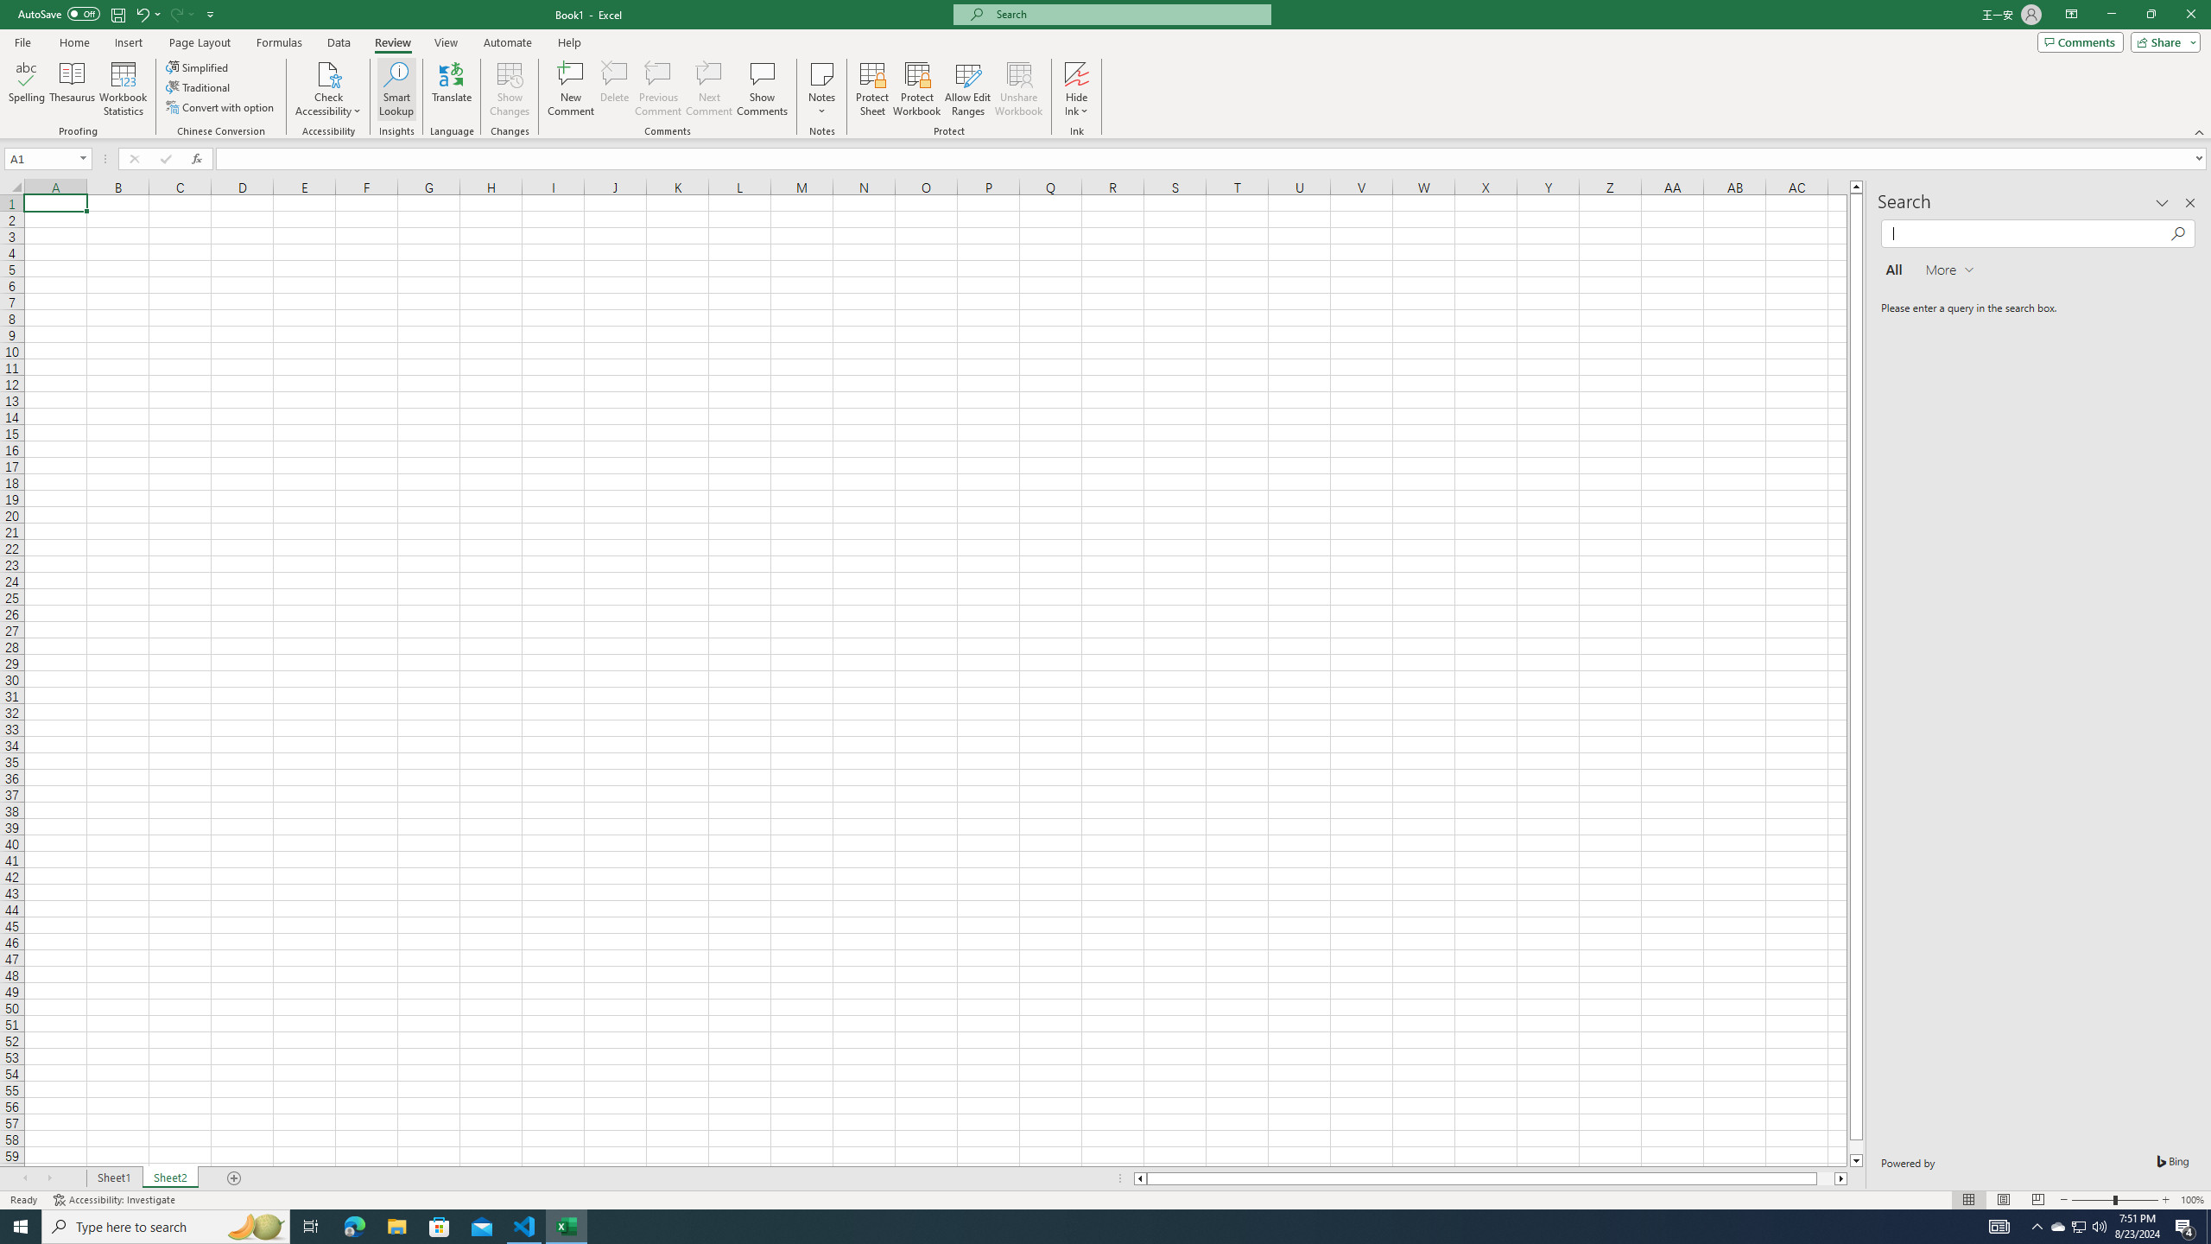 The image size is (2211, 1244). I want to click on 'Notes', so click(821, 89).